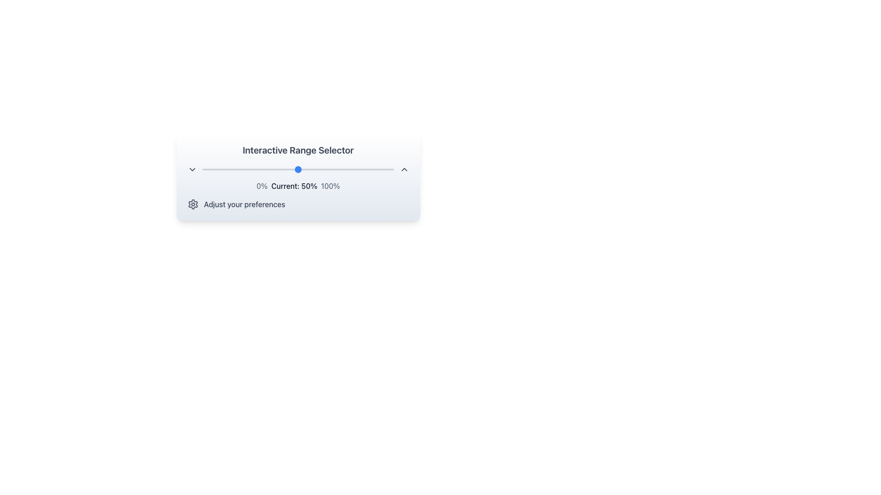 The image size is (881, 495). Describe the element at coordinates (269, 170) in the screenshot. I see `the slider value` at that location.